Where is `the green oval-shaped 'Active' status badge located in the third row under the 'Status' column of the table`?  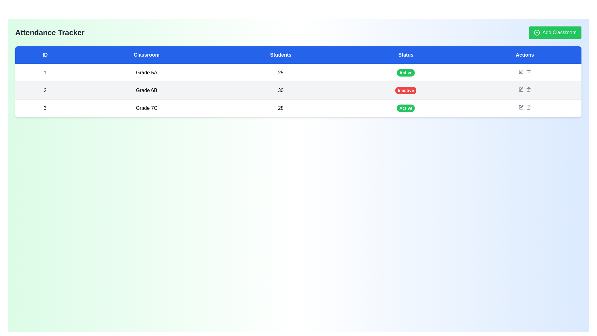 the green oval-shaped 'Active' status badge located in the third row under the 'Status' column of the table is located at coordinates (406, 108).